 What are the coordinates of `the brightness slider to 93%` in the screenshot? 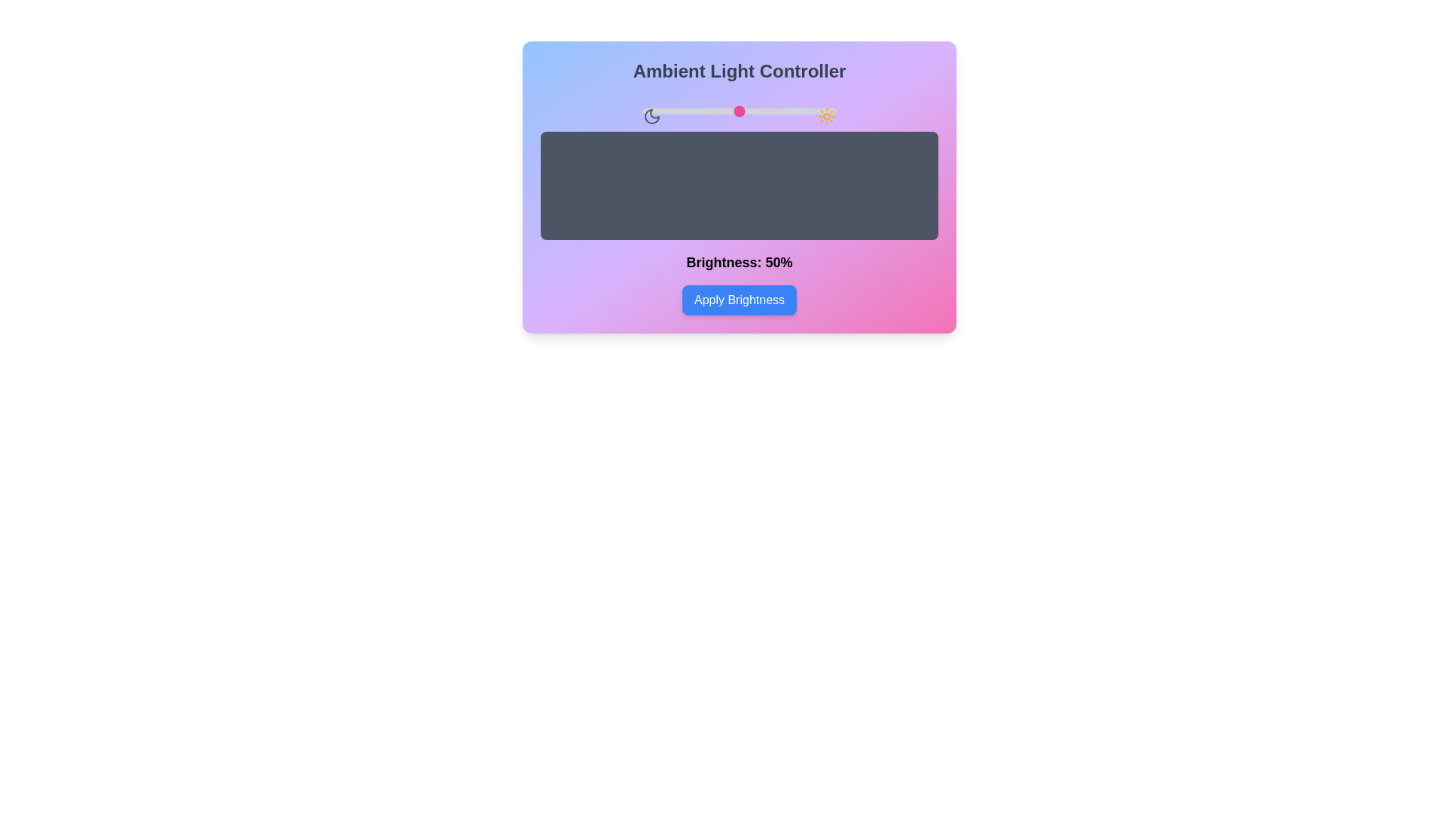 It's located at (822, 110).